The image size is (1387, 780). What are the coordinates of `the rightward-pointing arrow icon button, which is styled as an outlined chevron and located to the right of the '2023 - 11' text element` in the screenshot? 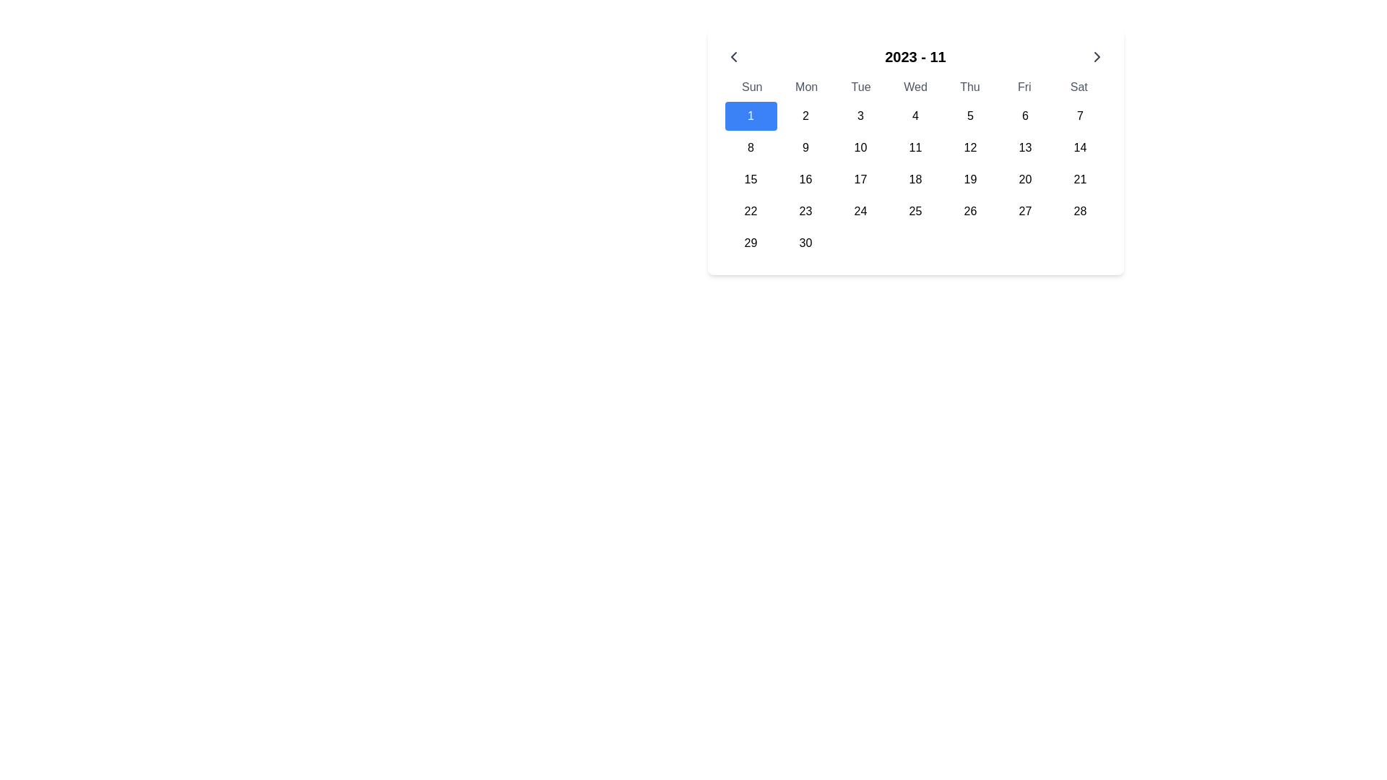 It's located at (1097, 56).